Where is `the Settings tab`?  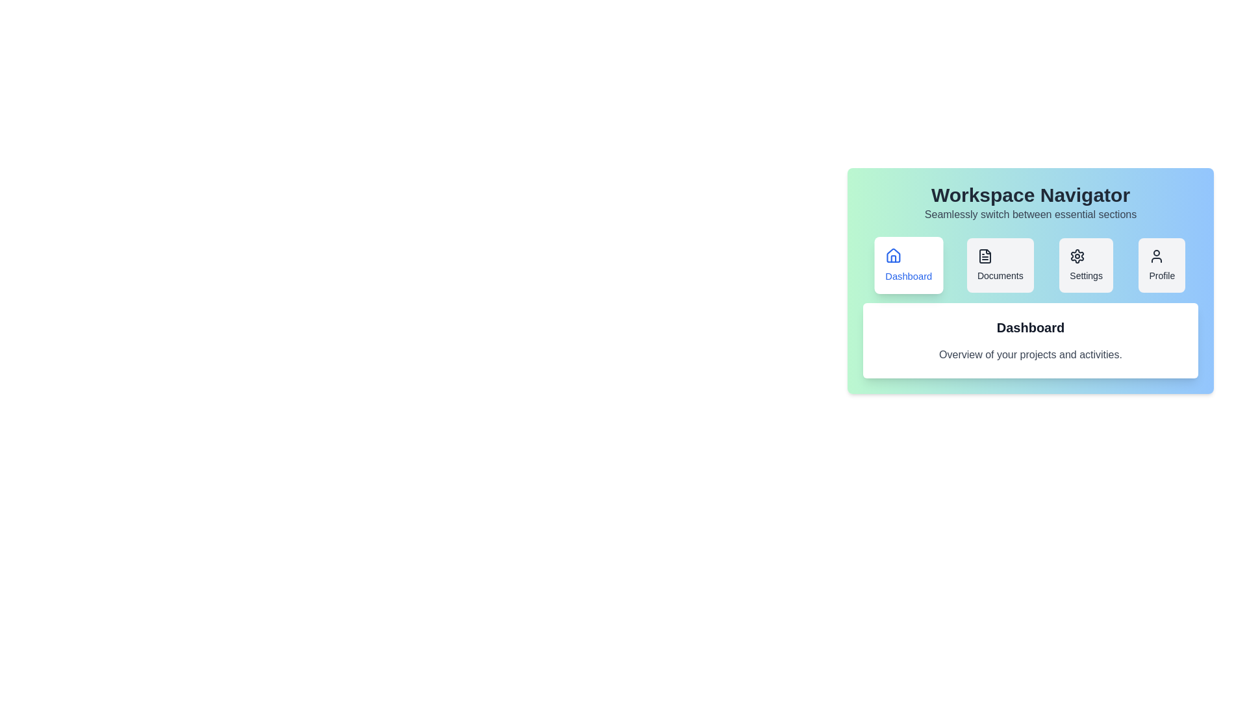
the Settings tab is located at coordinates (1086, 264).